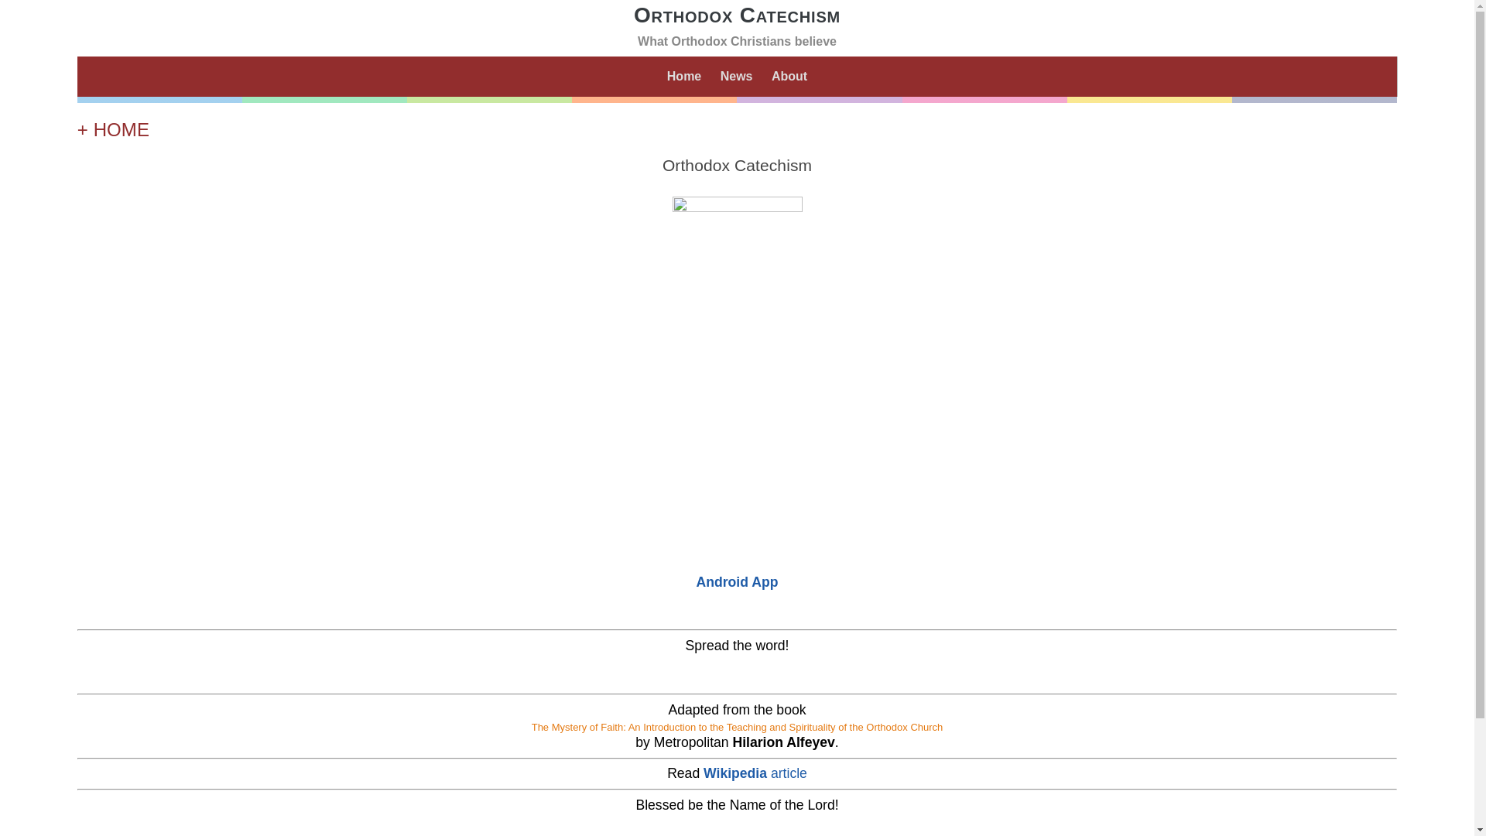 This screenshot has height=836, width=1486. What do you see at coordinates (755, 773) in the screenshot?
I see `'Wikipedia article'` at bounding box center [755, 773].